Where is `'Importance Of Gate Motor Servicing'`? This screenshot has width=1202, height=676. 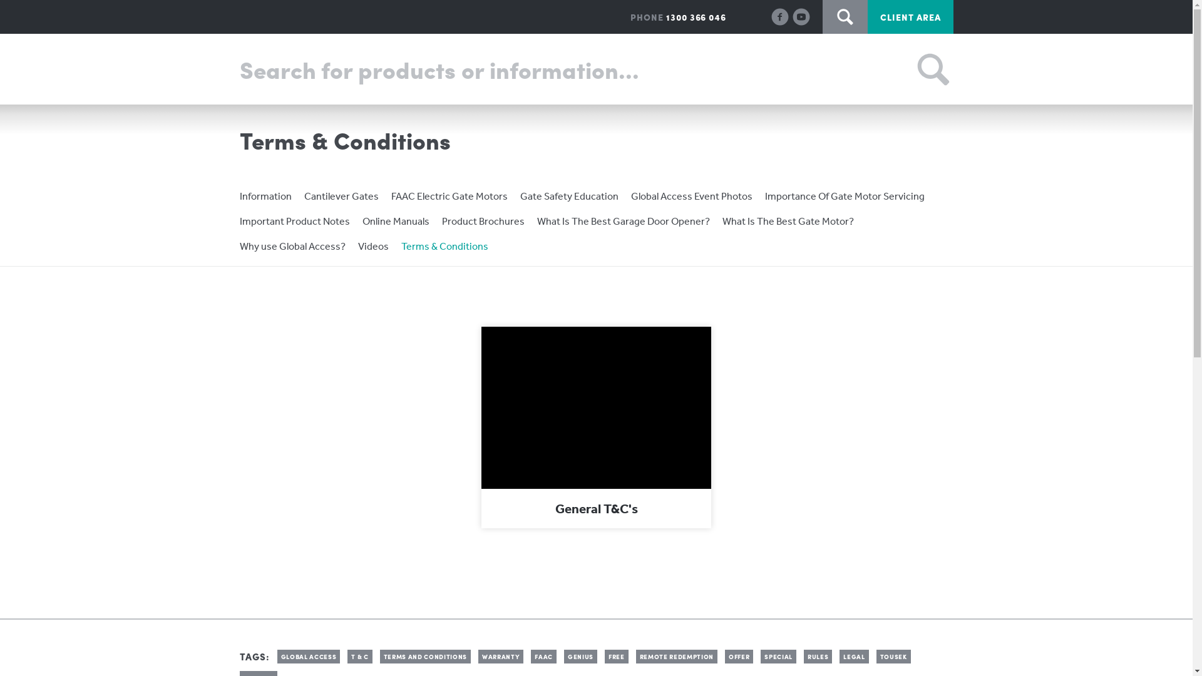
'Importance Of Gate Motor Servicing' is located at coordinates (845, 195).